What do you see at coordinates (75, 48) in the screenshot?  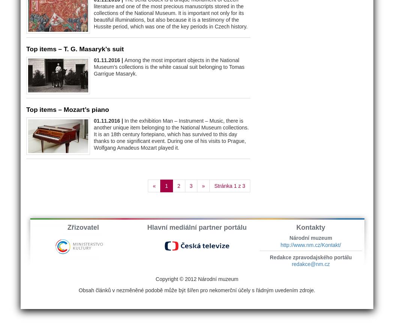 I see `'Top items – T. G. Masaryk’s suit'` at bounding box center [75, 48].